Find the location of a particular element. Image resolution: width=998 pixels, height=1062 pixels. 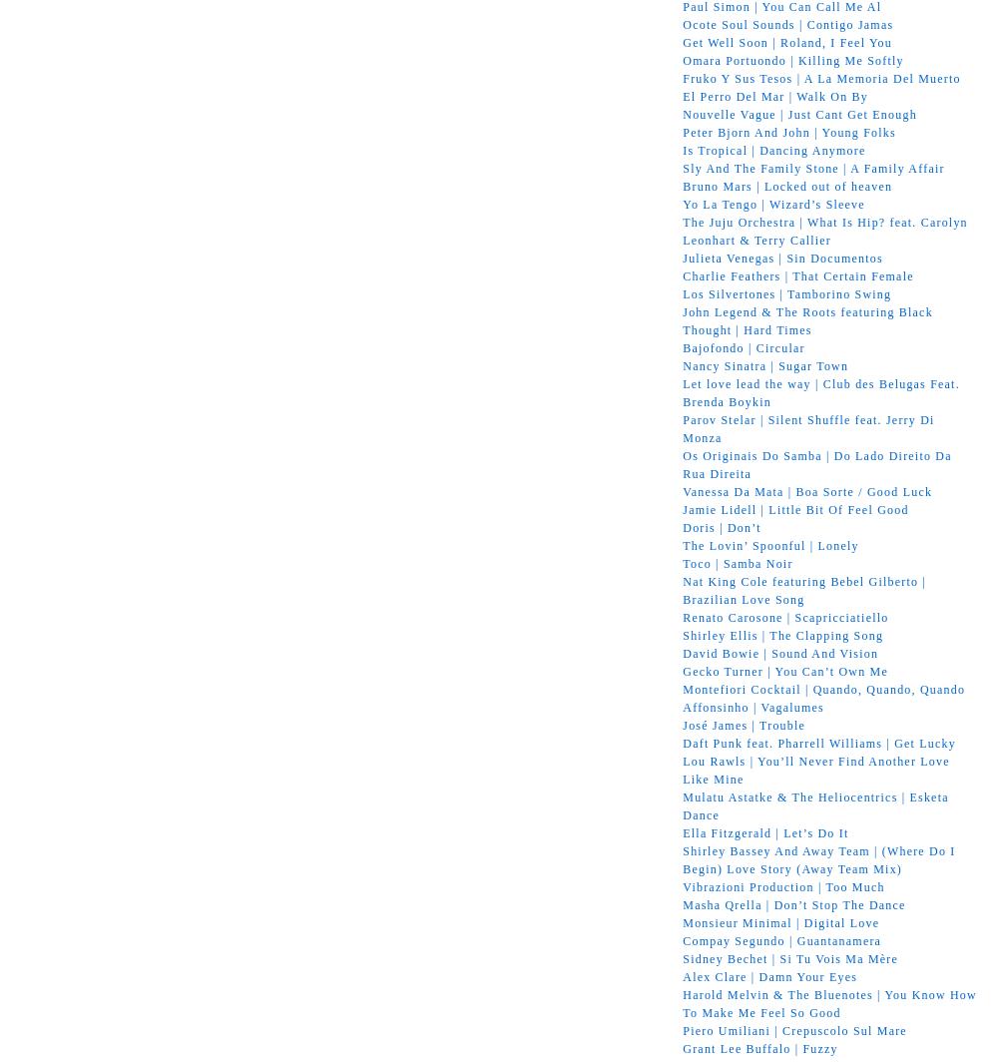

'Daft Punk feat. Pharrell Williams | Get Lucky' is located at coordinates (817, 742).